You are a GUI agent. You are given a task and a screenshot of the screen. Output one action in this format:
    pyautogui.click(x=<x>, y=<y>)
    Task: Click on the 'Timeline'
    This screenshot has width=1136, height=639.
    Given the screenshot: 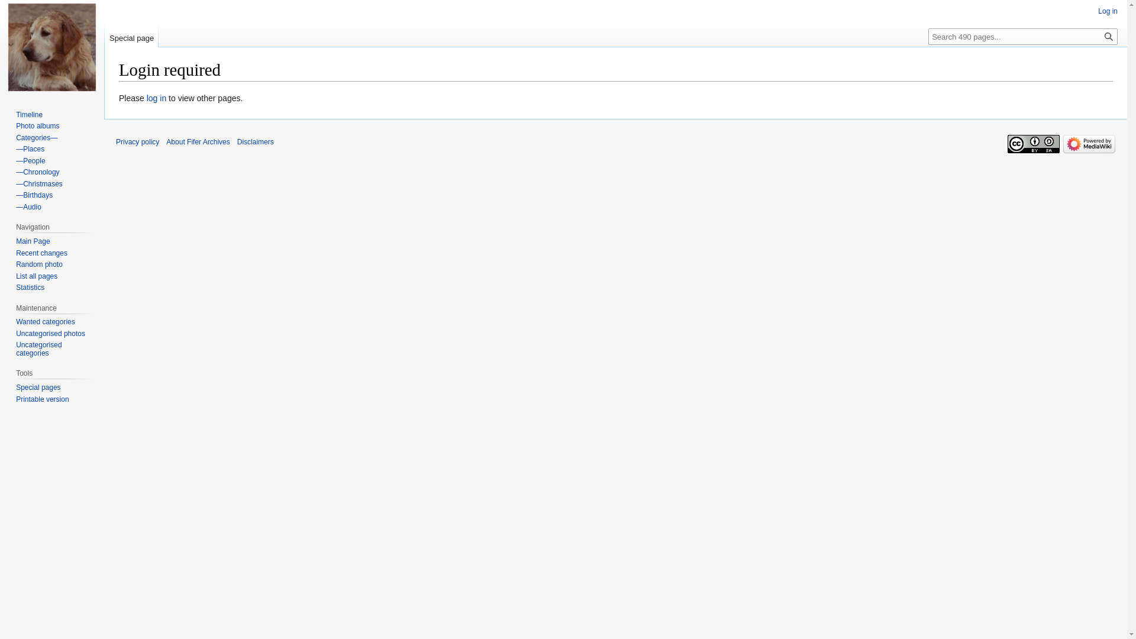 What is the action you would take?
    pyautogui.click(x=29, y=114)
    